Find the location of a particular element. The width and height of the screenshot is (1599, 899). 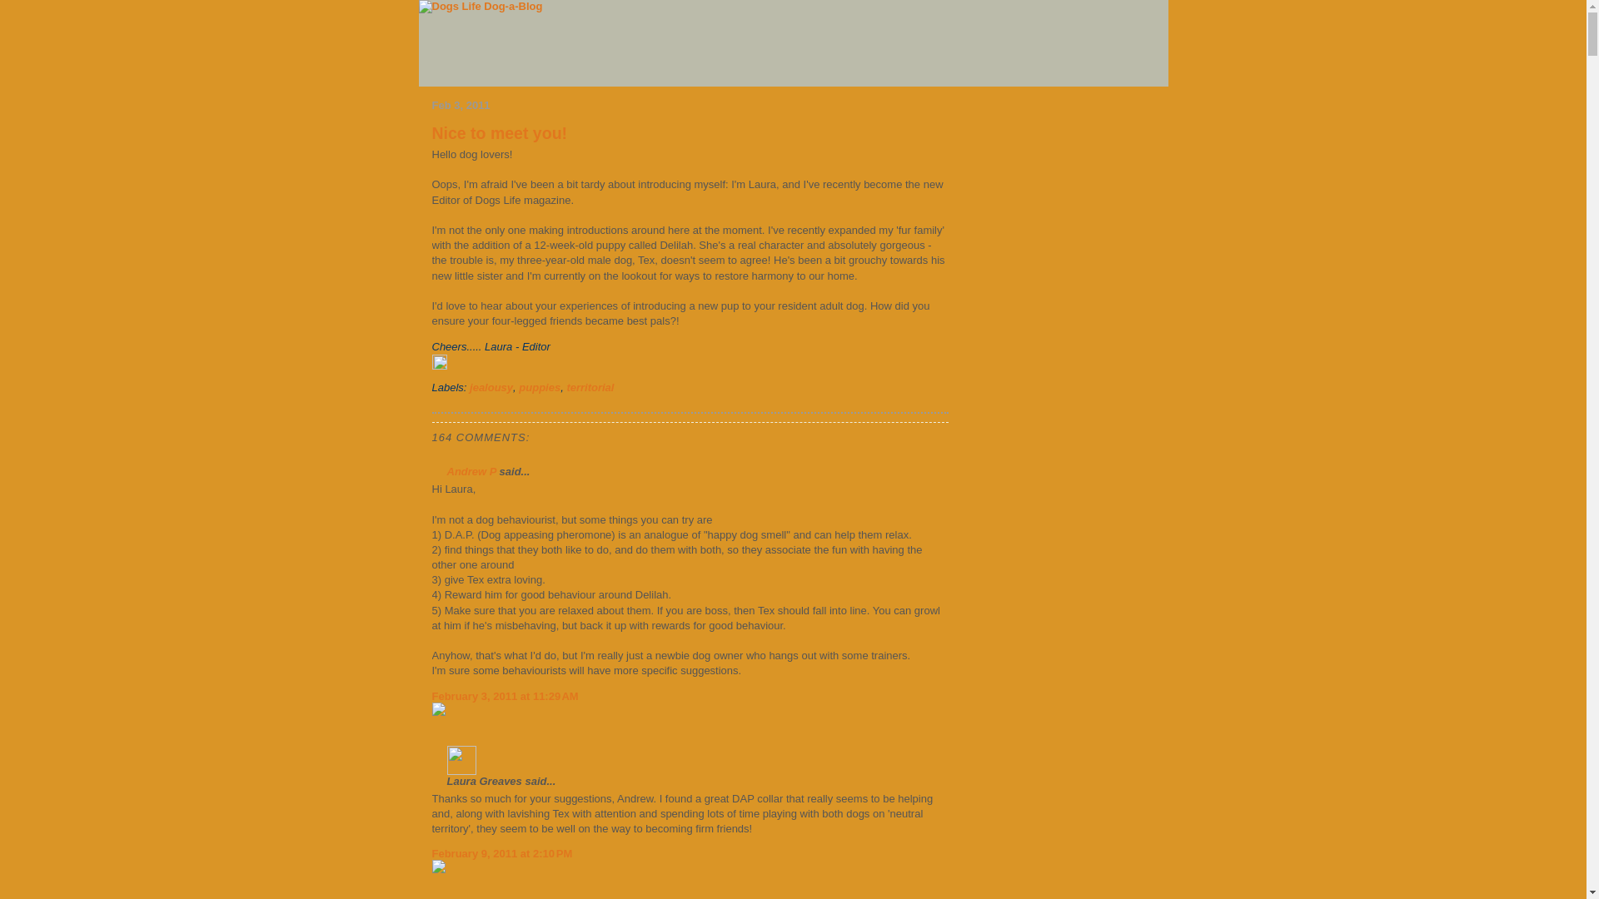

'territorial' is located at coordinates (590, 387).